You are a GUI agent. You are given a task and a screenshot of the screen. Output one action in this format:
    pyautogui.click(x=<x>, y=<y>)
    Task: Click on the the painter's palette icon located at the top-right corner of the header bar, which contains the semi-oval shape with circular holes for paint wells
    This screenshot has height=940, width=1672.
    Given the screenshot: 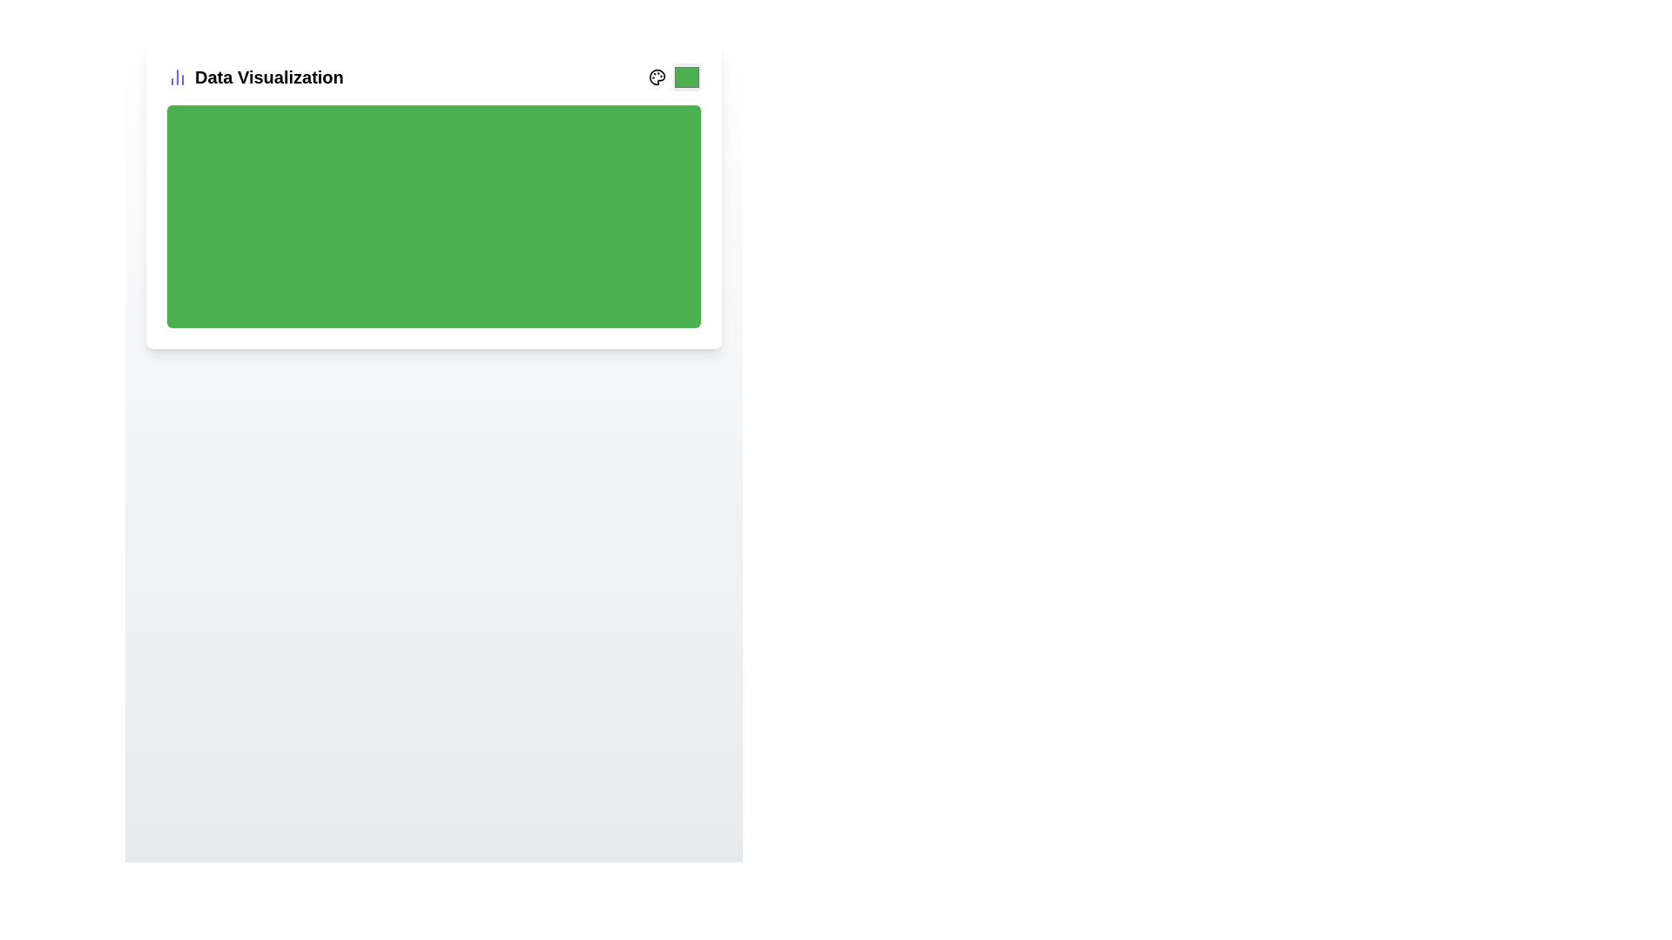 What is the action you would take?
    pyautogui.click(x=656, y=76)
    